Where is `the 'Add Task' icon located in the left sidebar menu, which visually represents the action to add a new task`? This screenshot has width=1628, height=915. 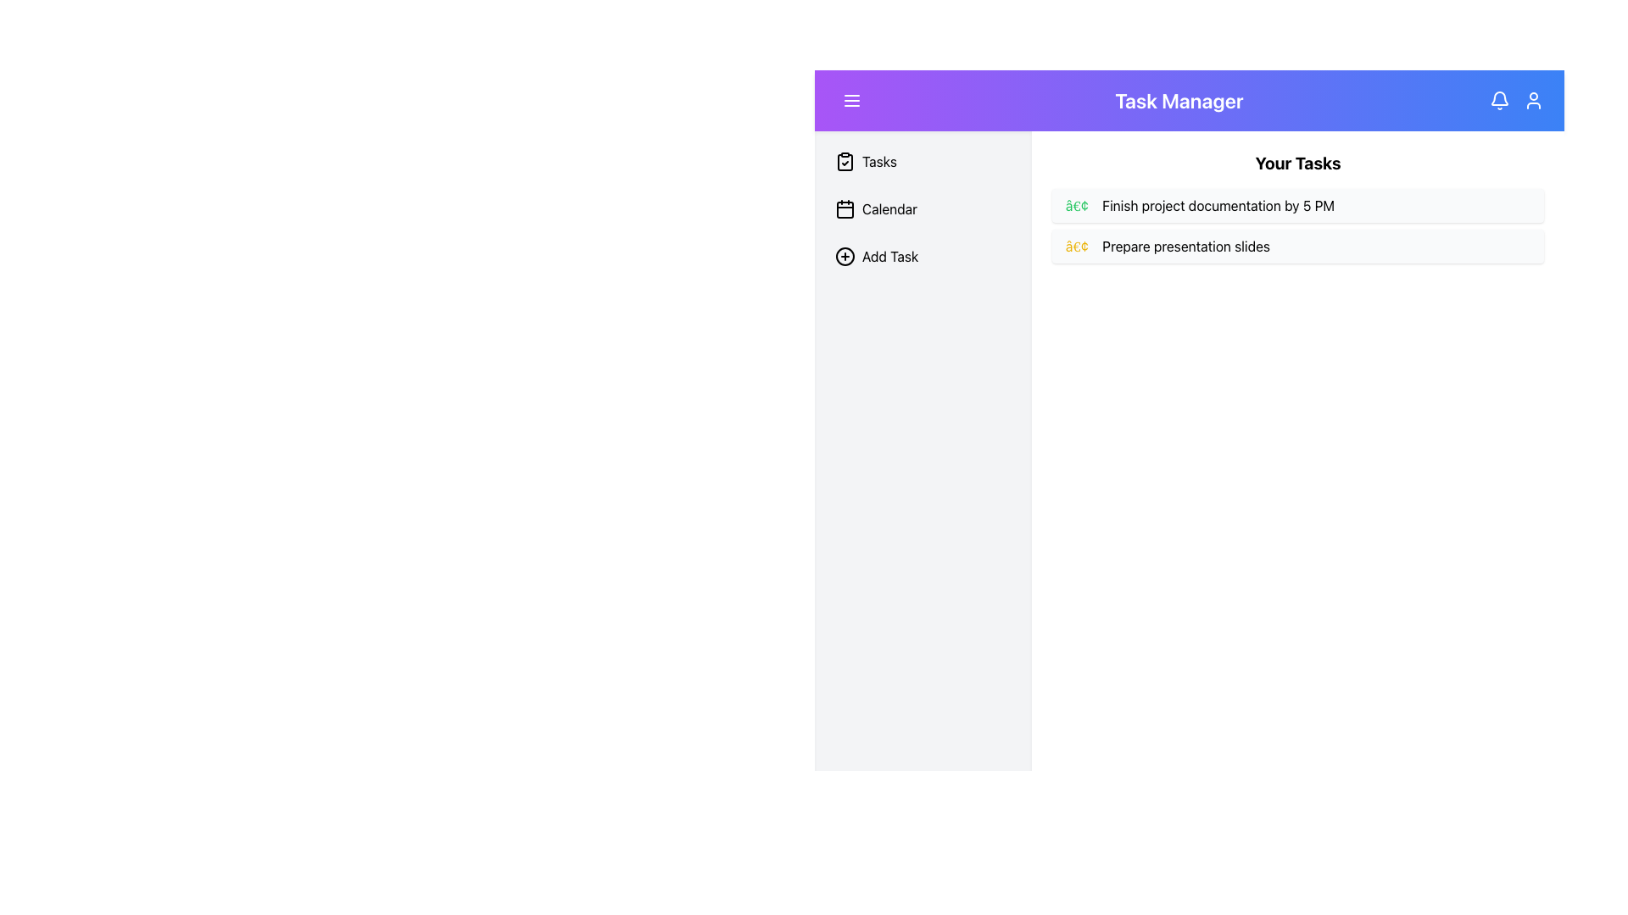
the 'Add Task' icon located in the left sidebar menu, which visually represents the action to add a new task is located at coordinates (845, 257).